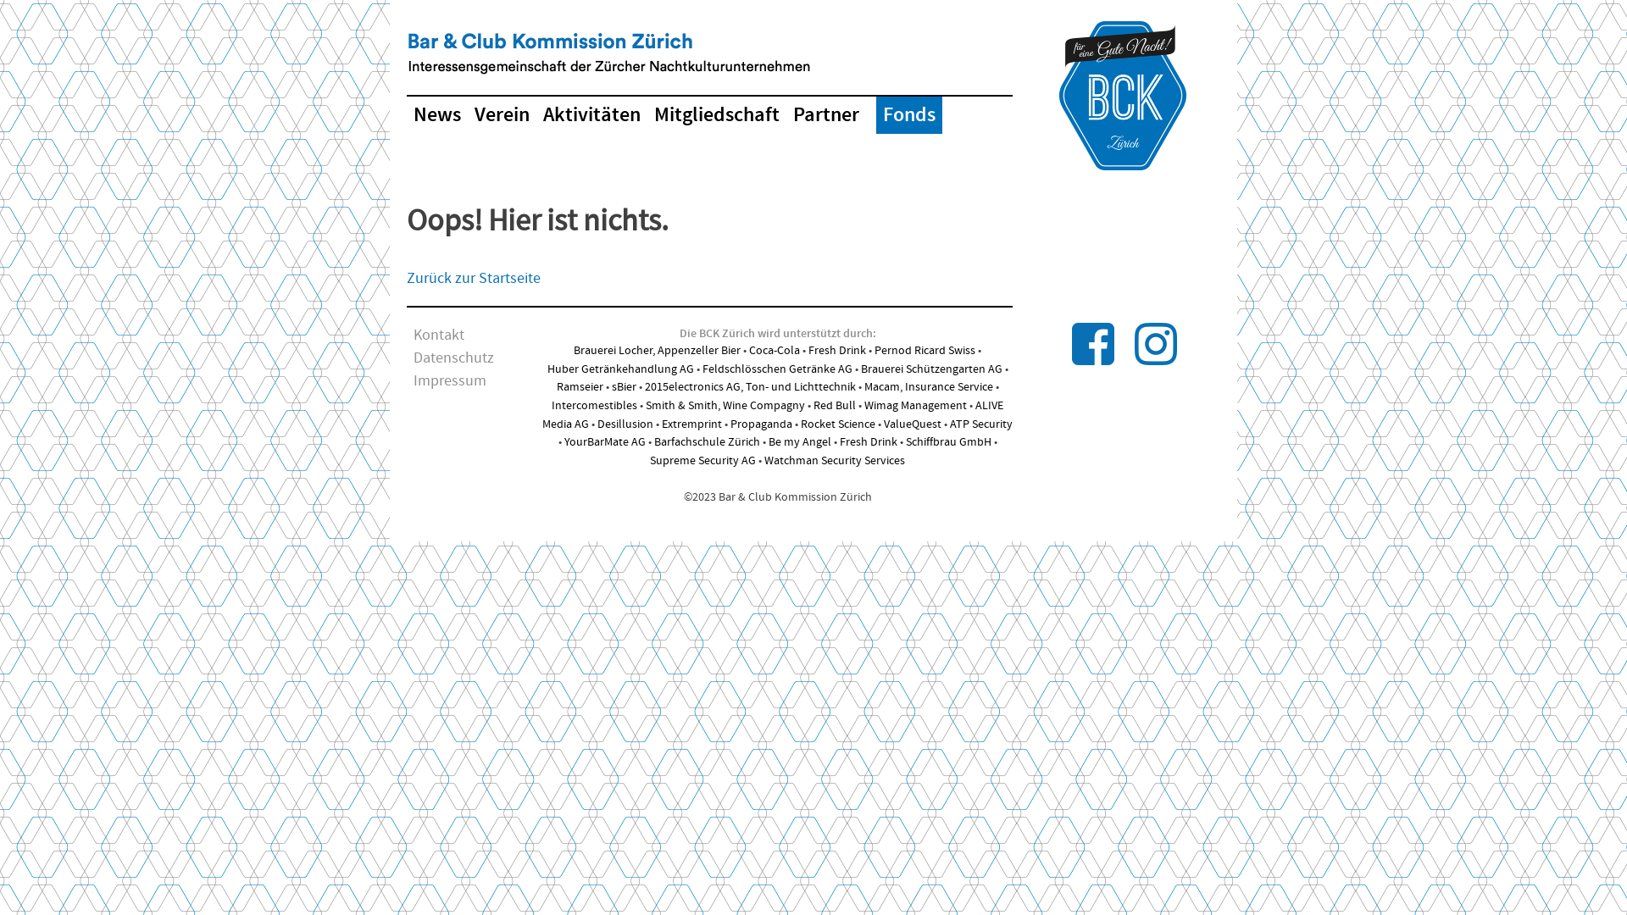  What do you see at coordinates (450, 381) in the screenshot?
I see `'Impressum'` at bounding box center [450, 381].